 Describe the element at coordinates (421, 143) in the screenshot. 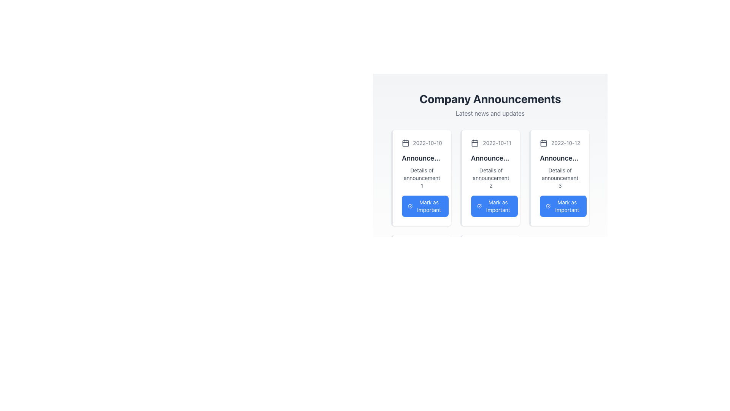

I see `the informational label displaying the date for 'Announcement 1' located at the top-left corner of the announcement card` at that location.